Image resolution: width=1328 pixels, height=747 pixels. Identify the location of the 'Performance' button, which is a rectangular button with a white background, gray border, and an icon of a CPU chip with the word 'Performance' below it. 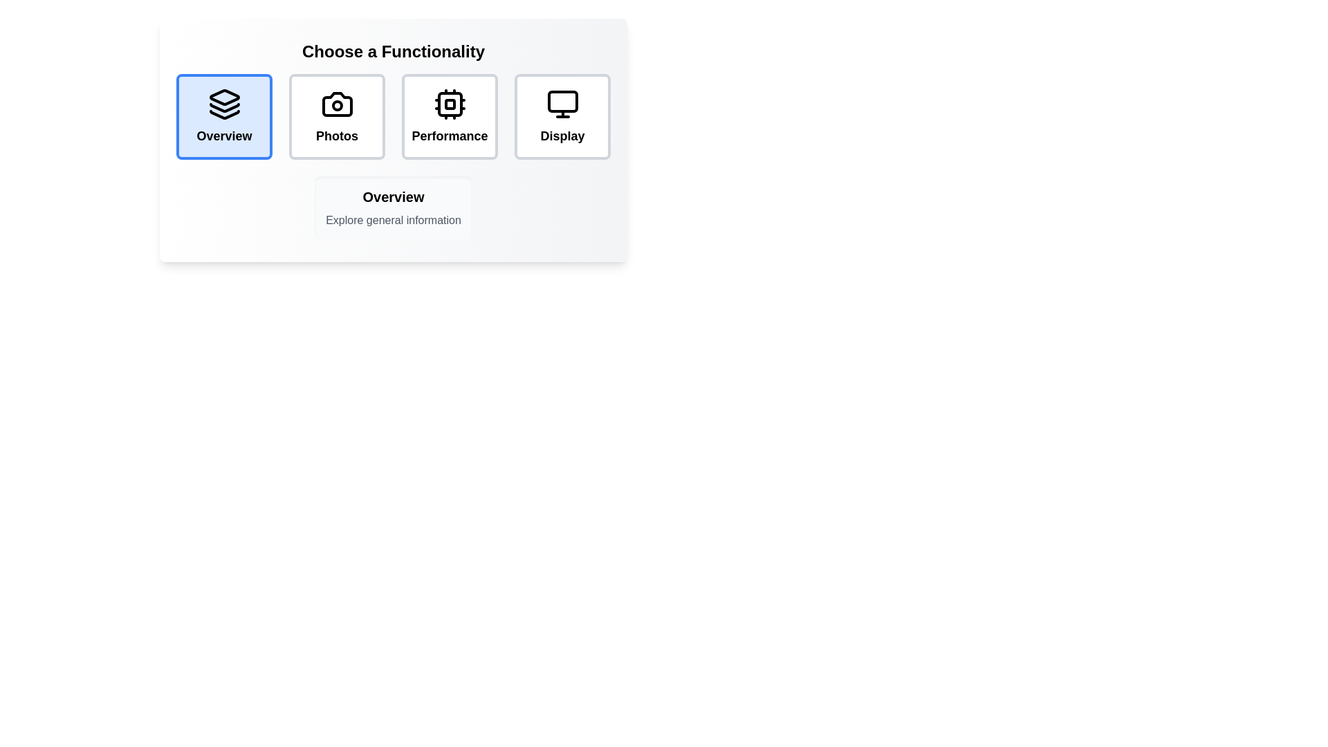
(450, 116).